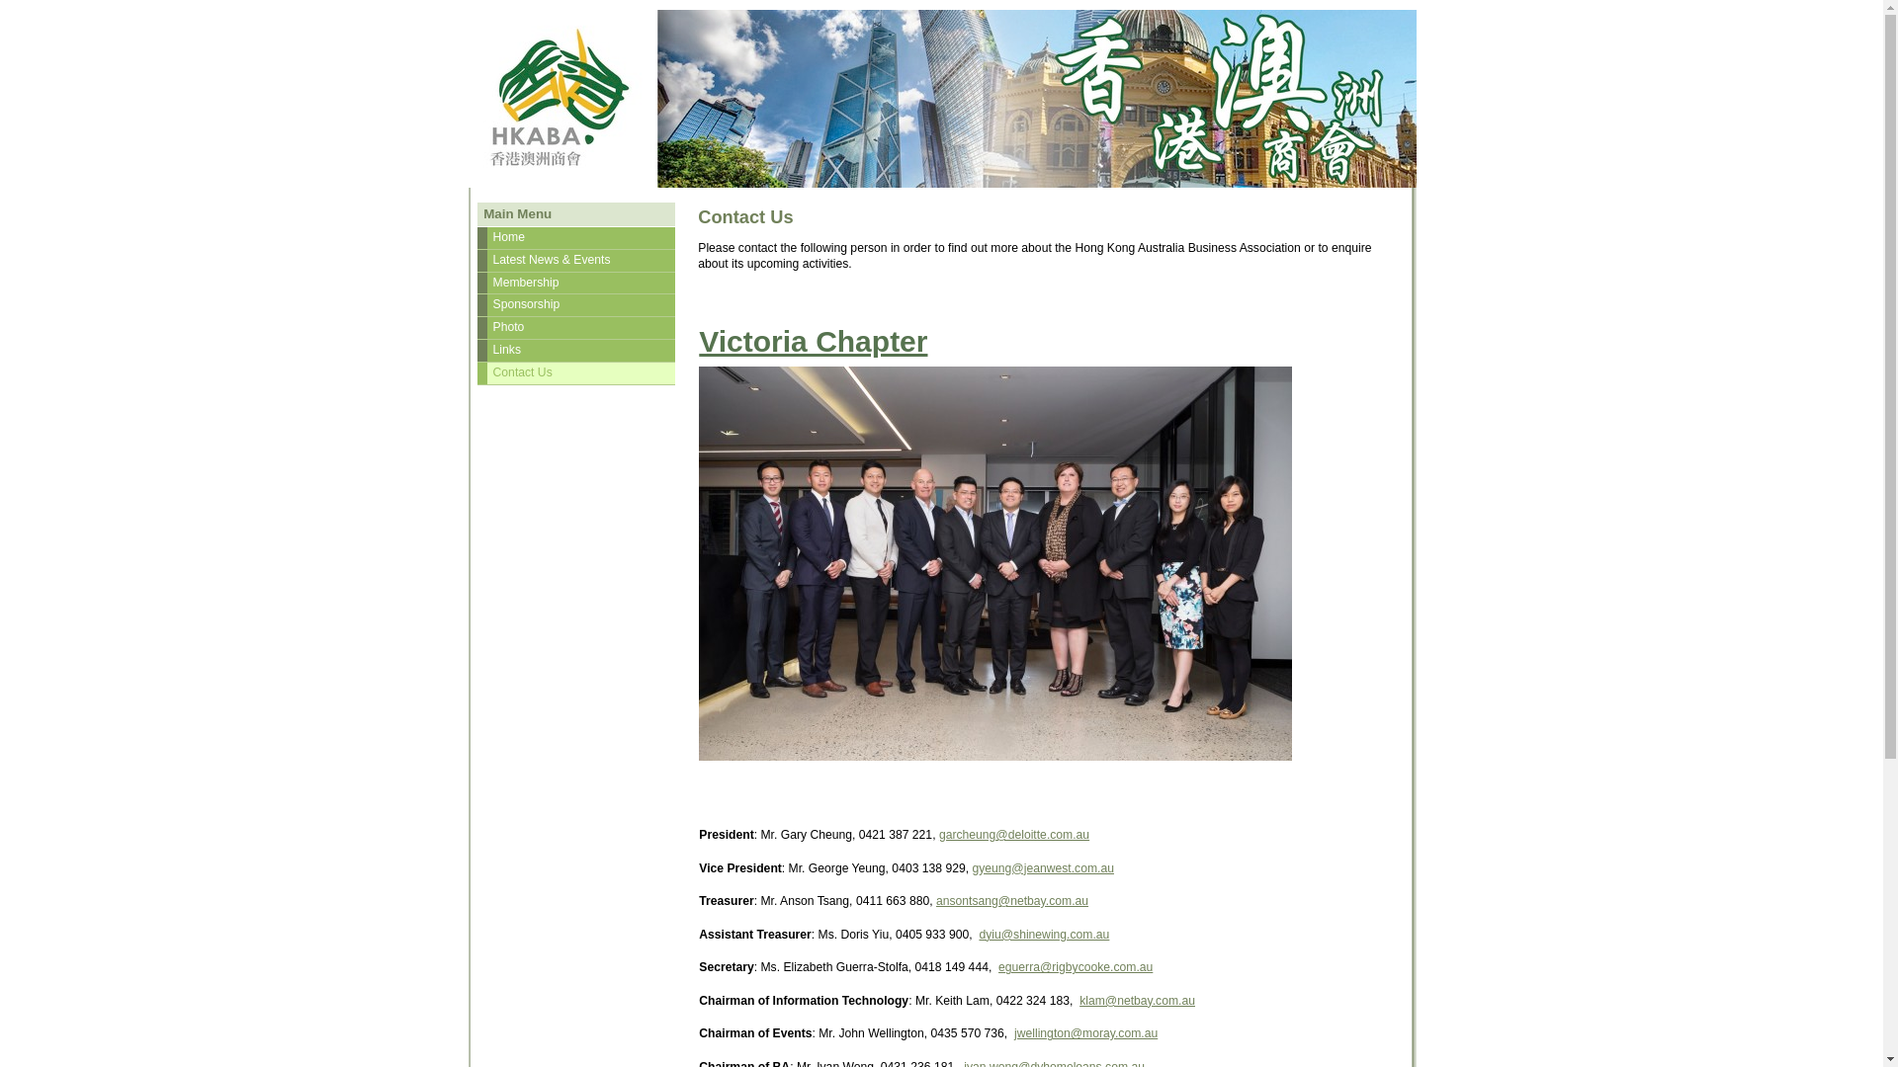 Image resolution: width=1898 pixels, height=1067 pixels. Describe the element at coordinates (574, 236) in the screenshot. I see `'Home'` at that location.